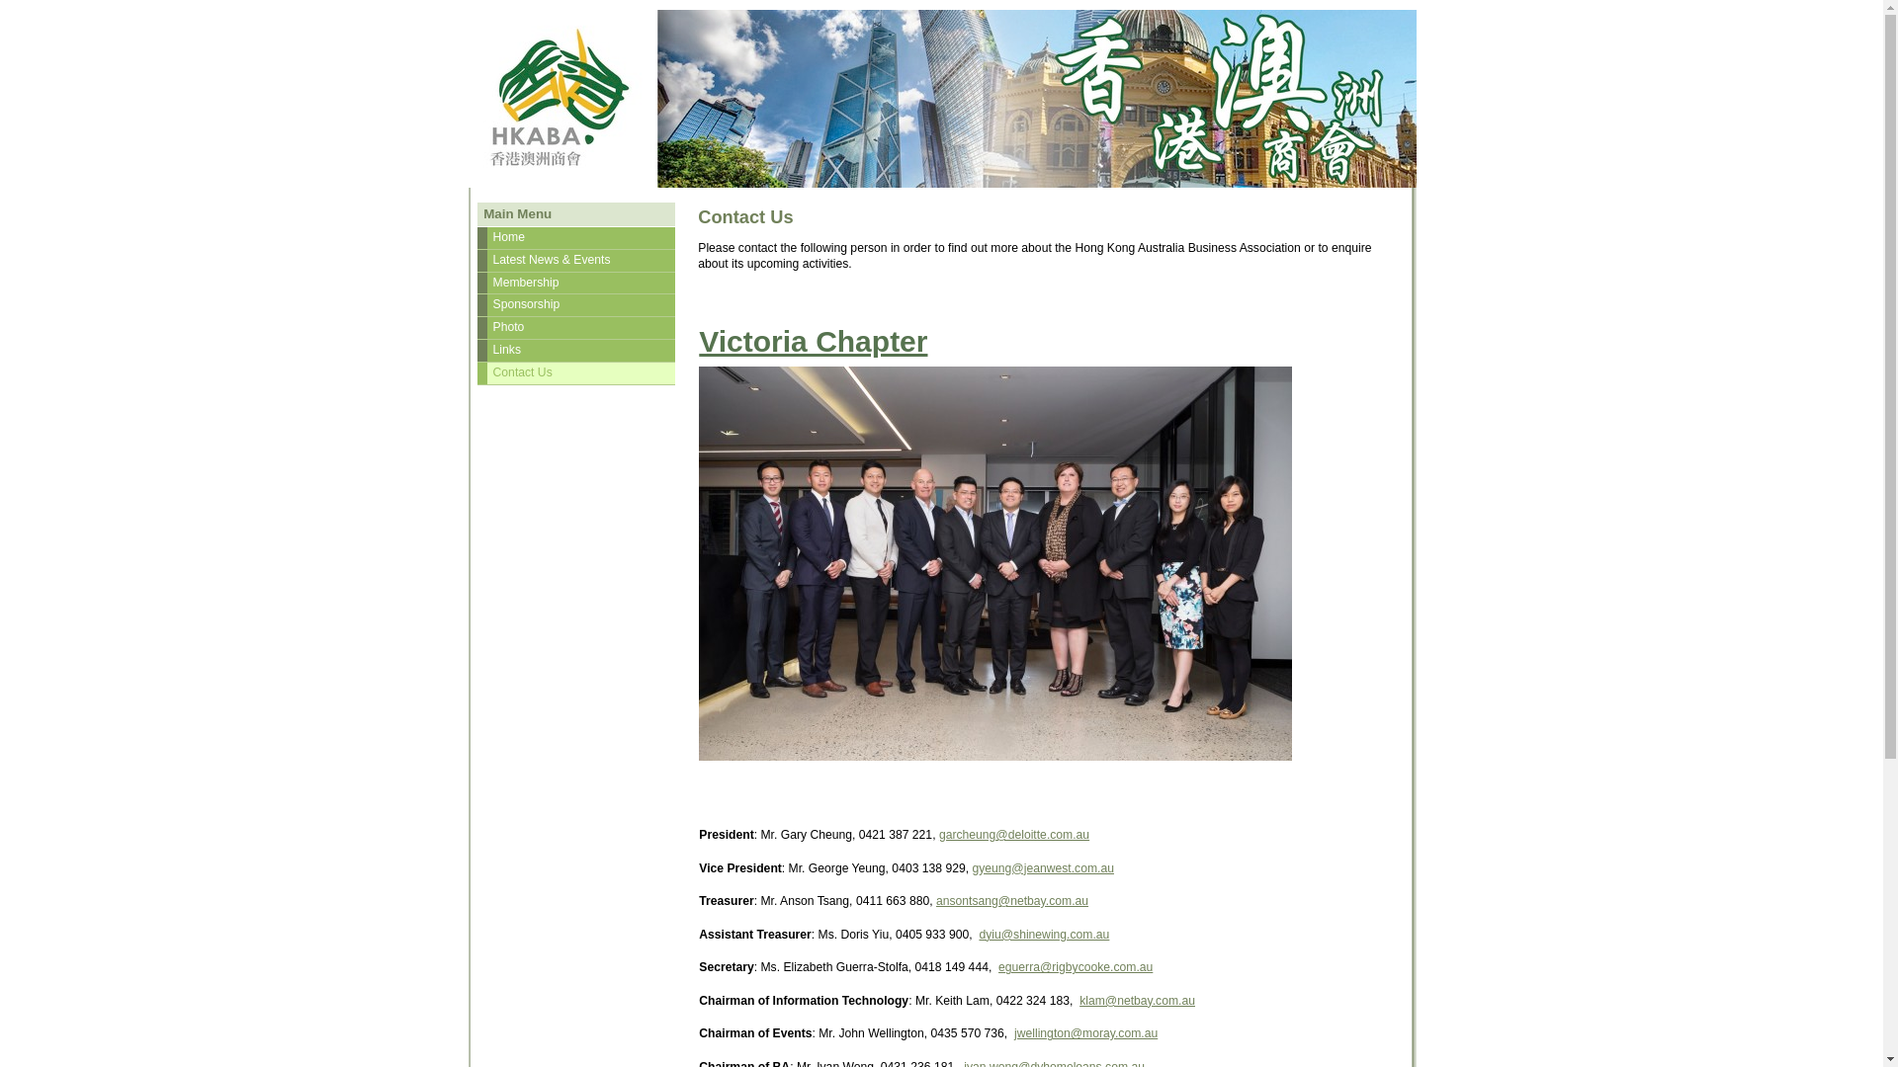 Image resolution: width=1898 pixels, height=1067 pixels. Describe the element at coordinates (574, 236) in the screenshot. I see `'Home'` at that location.